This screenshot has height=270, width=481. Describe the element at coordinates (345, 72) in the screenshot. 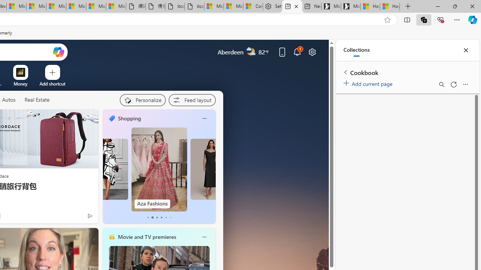

I see `'Back to list of collections'` at that location.